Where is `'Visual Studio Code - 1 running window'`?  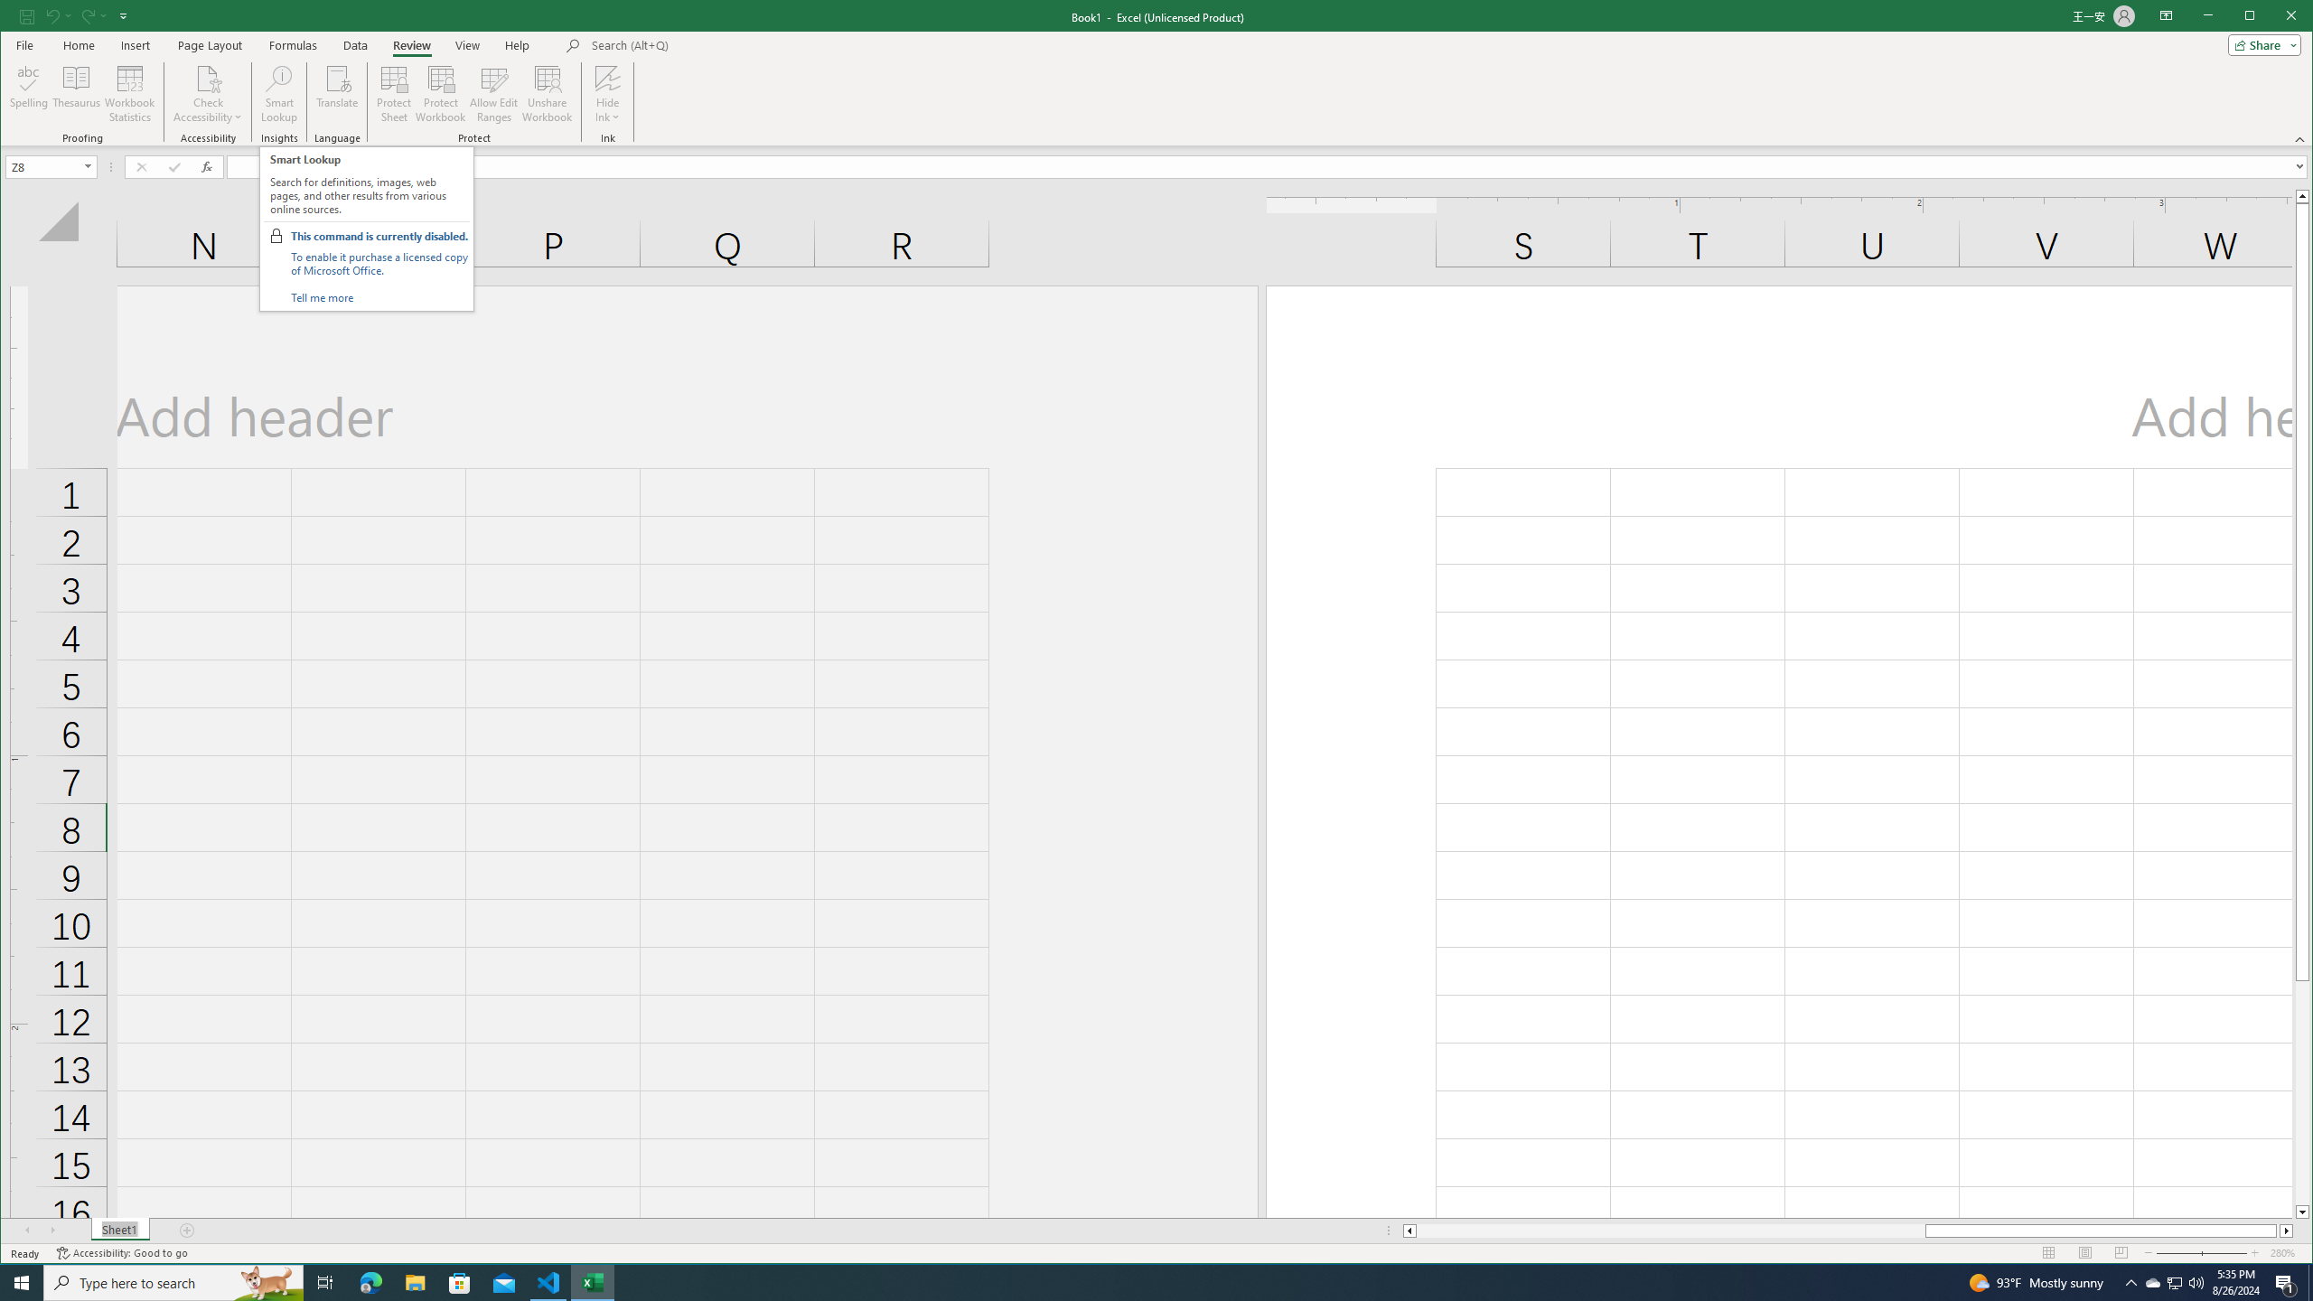 'Visual Studio Code - 1 running window' is located at coordinates (548, 1281).